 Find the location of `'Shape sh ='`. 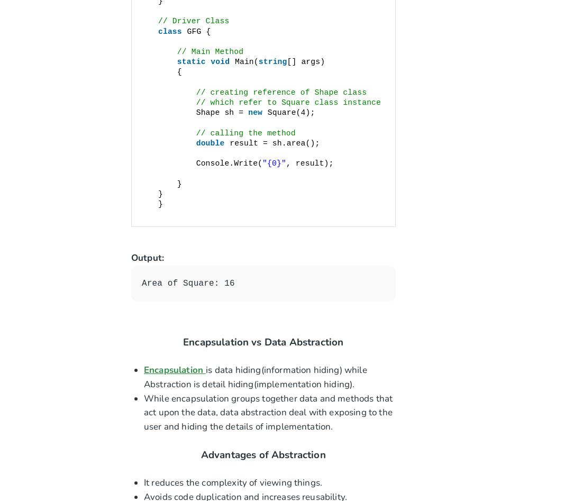

'Shape sh =' is located at coordinates (196, 112).